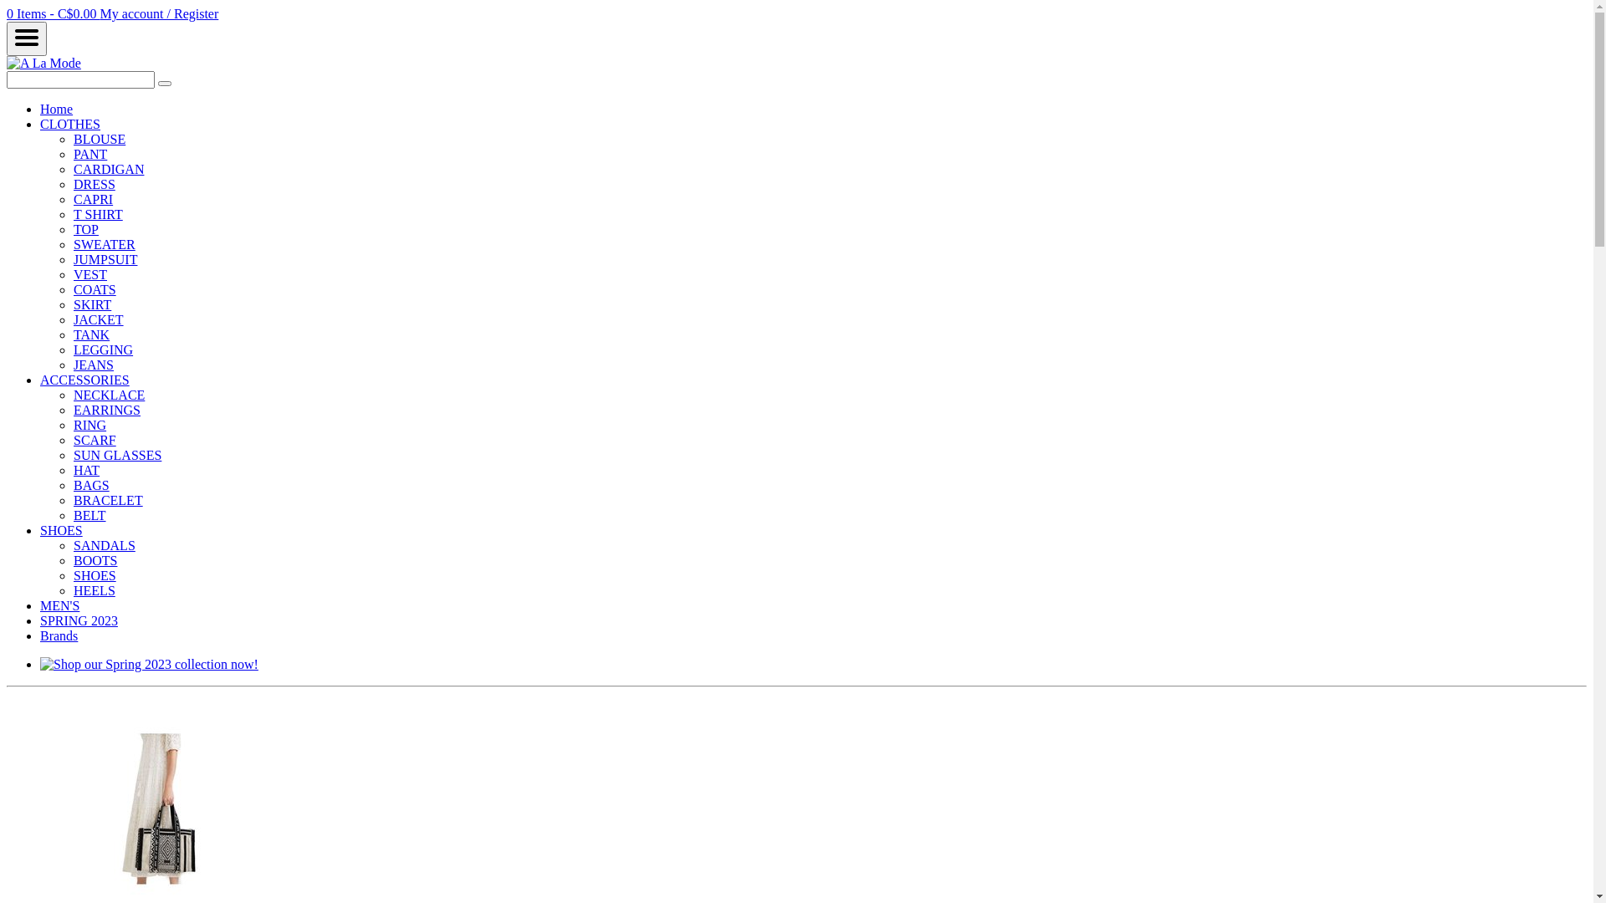  I want to click on 'EARRINGS', so click(106, 410).